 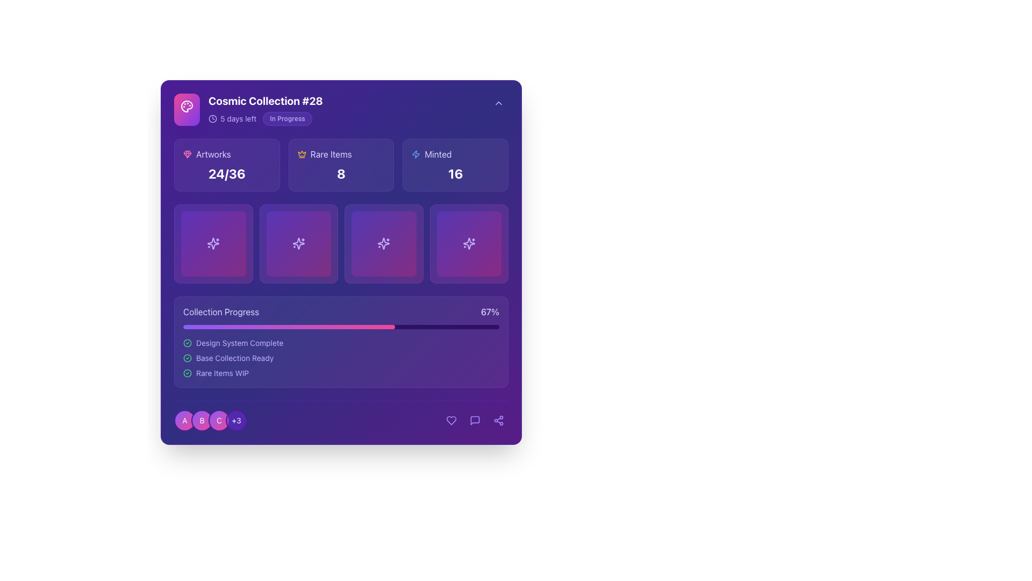 What do you see at coordinates (213, 244) in the screenshot?
I see `the interactive decorative tile with a sparkle icon in the center, located in the first column and first row of the grid below the 'Artworks', 'Rare Items', and 'Minted' statistics section` at bounding box center [213, 244].